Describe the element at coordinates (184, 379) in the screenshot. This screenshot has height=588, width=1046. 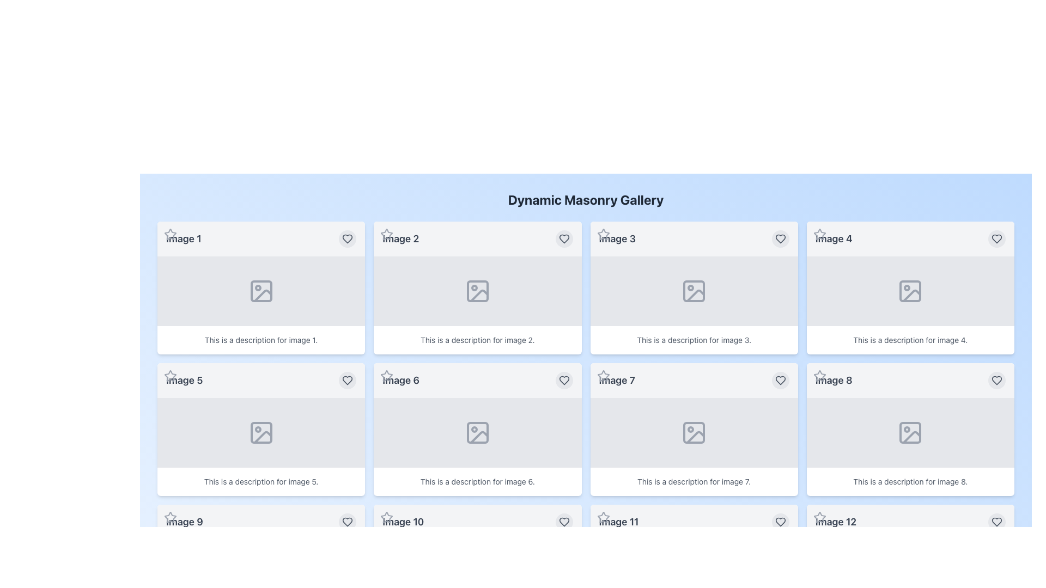
I see `the static label displaying 'Image 5' which is positioned in the second row and first column of the grid layout, adjacent to a graphical star icon` at that location.